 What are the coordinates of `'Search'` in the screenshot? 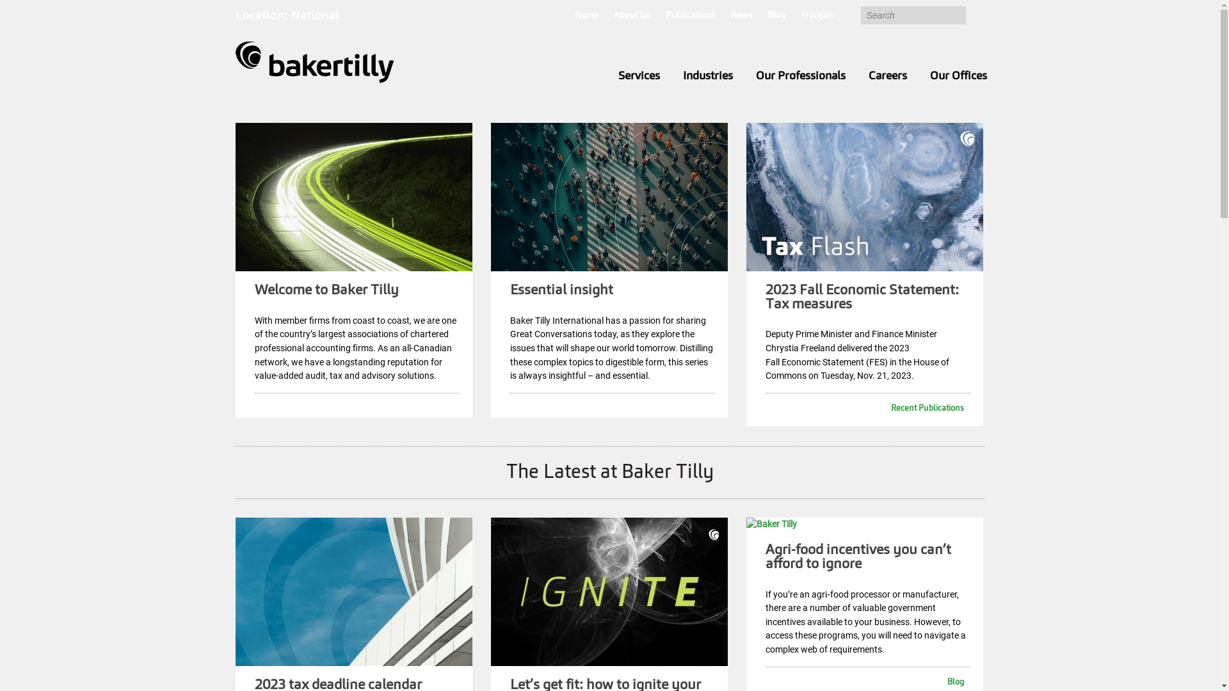 It's located at (912, 15).